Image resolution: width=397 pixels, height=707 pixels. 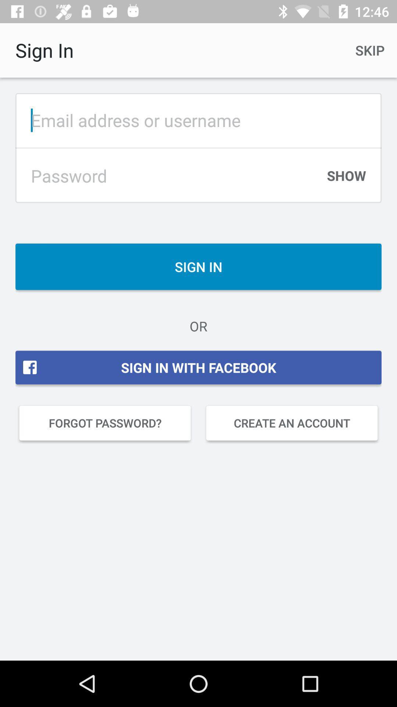 What do you see at coordinates (346, 179) in the screenshot?
I see `icon above sign in icon` at bounding box center [346, 179].